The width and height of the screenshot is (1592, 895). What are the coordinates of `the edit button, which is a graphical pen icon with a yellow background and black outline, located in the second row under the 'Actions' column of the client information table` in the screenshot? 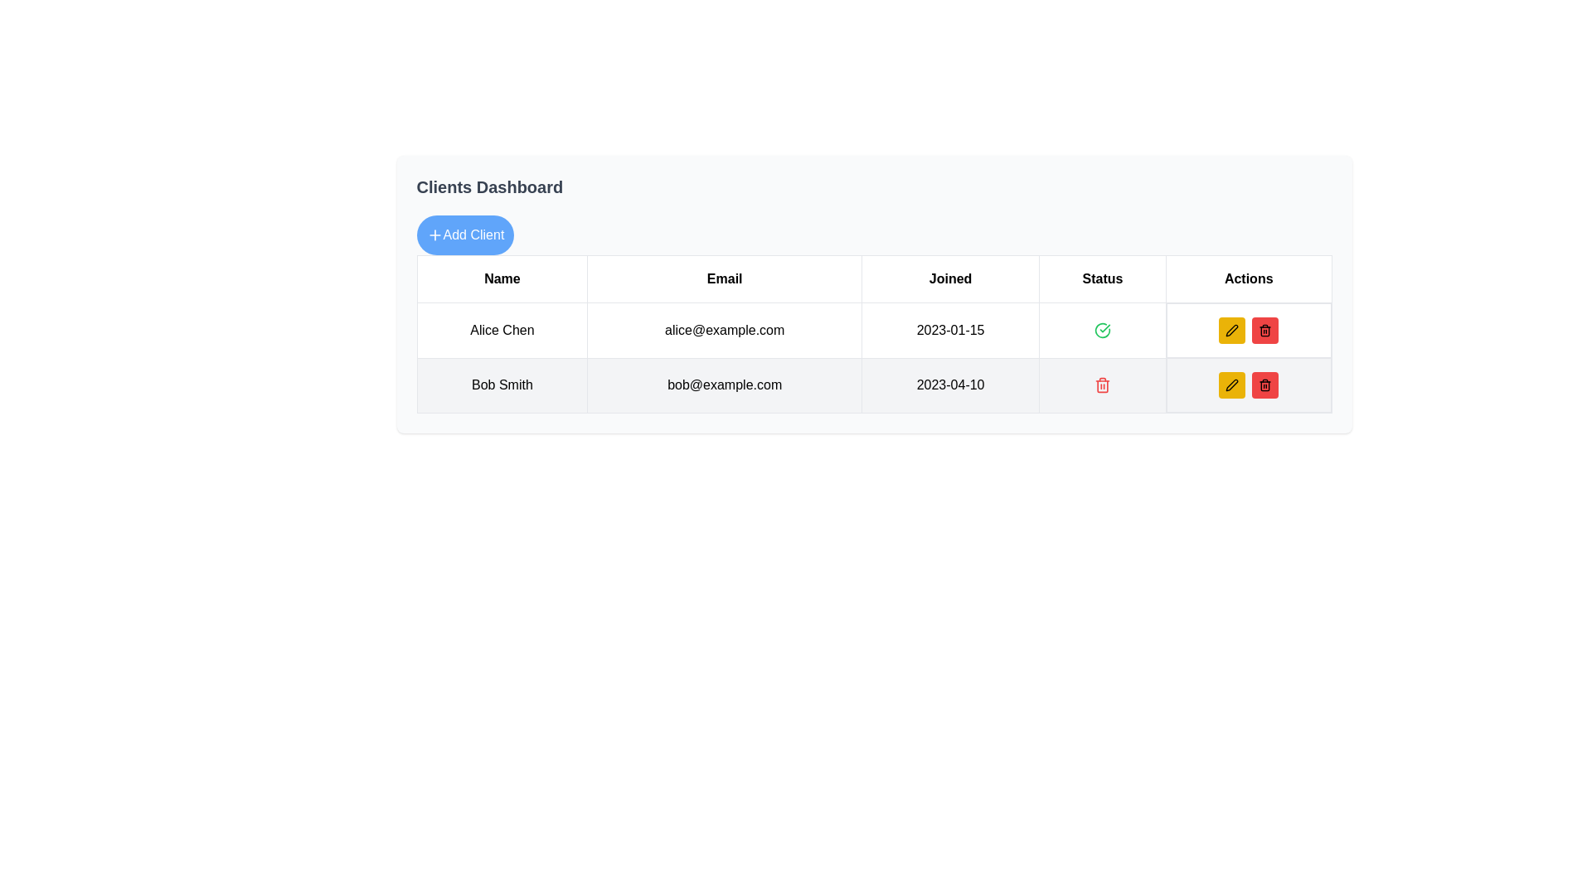 It's located at (1232, 385).